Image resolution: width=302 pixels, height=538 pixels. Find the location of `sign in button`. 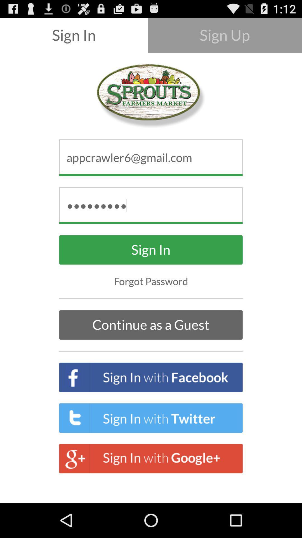

sign in button is located at coordinates (151, 249).